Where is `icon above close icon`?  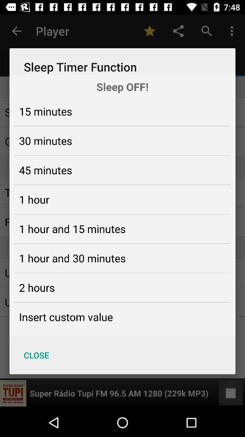 icon above close icon is located at coordinates (65, 317).